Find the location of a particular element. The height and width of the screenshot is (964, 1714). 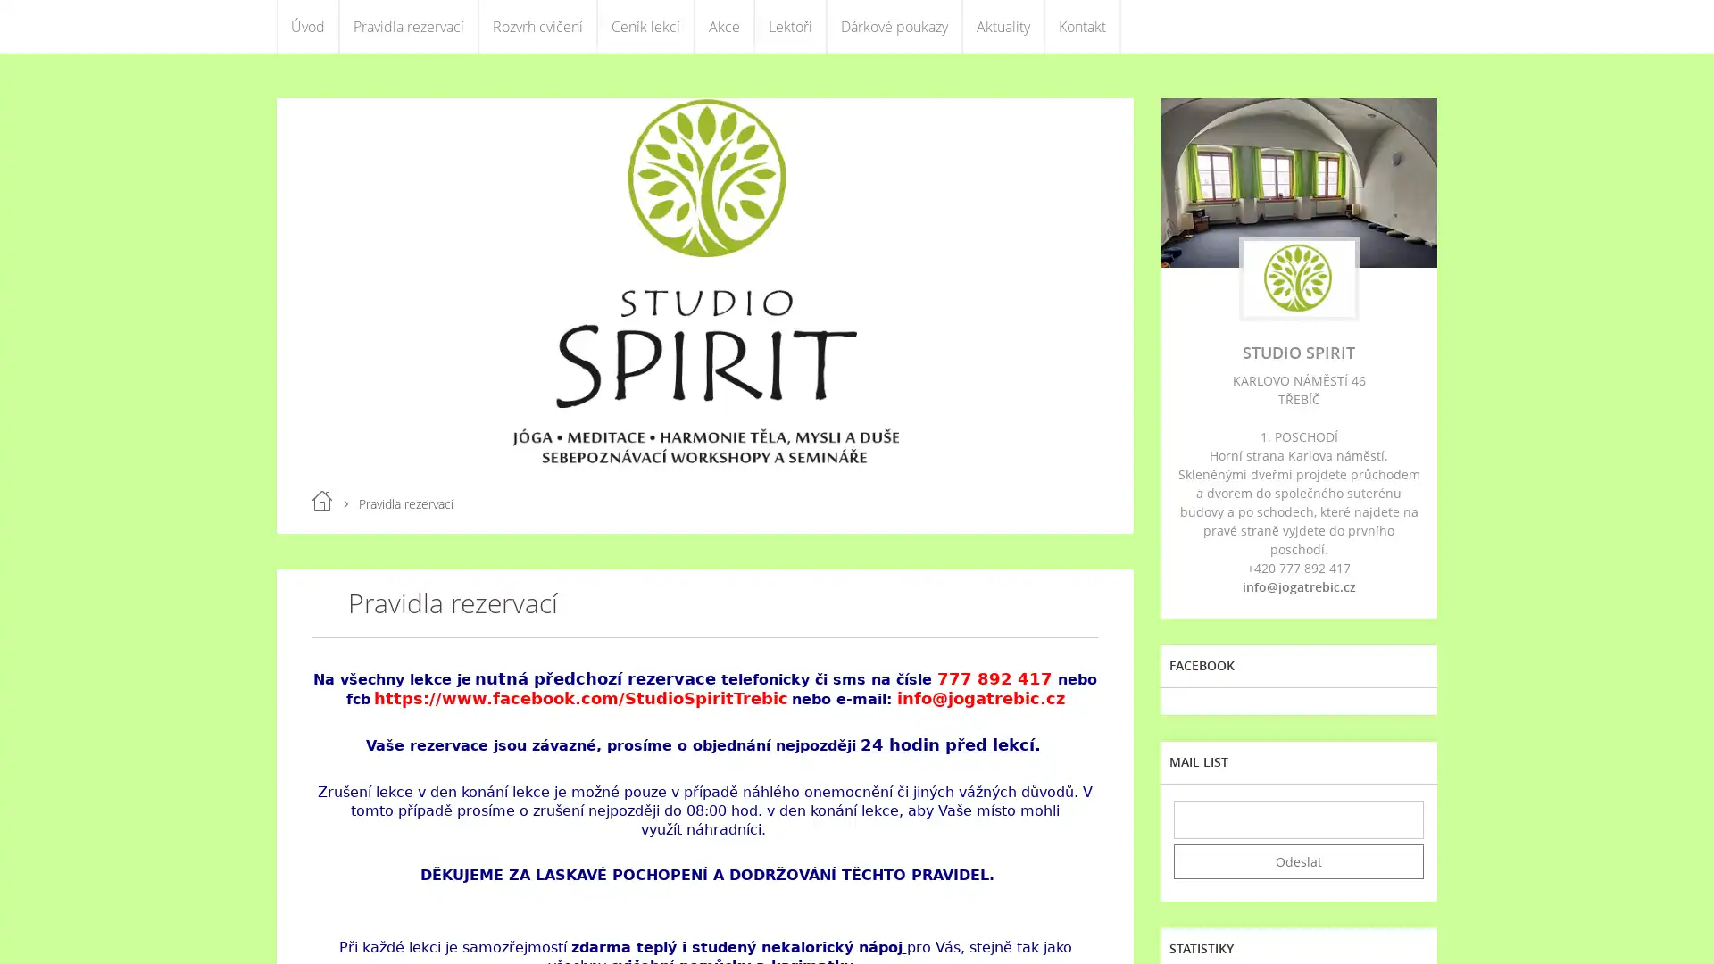

Odeslat is located at coordinates (1298, 860).